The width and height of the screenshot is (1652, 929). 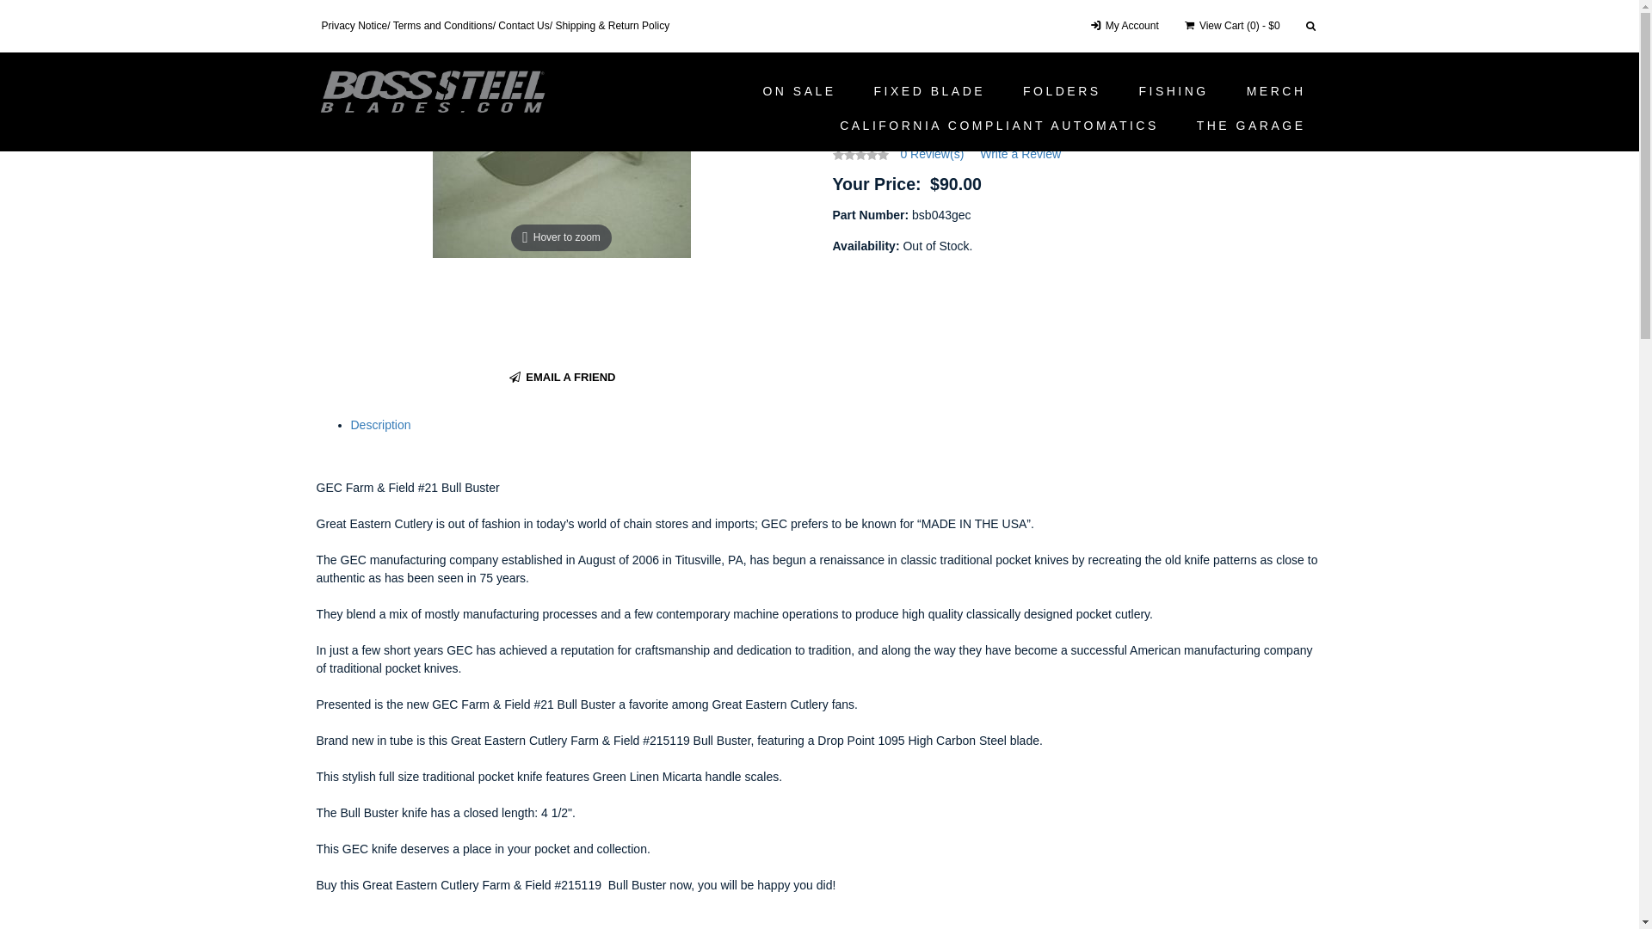 What do you see at coordinates (1120, 90) in the screenshot?
I see `'FISHING'` at bounding box center [1120, 90].